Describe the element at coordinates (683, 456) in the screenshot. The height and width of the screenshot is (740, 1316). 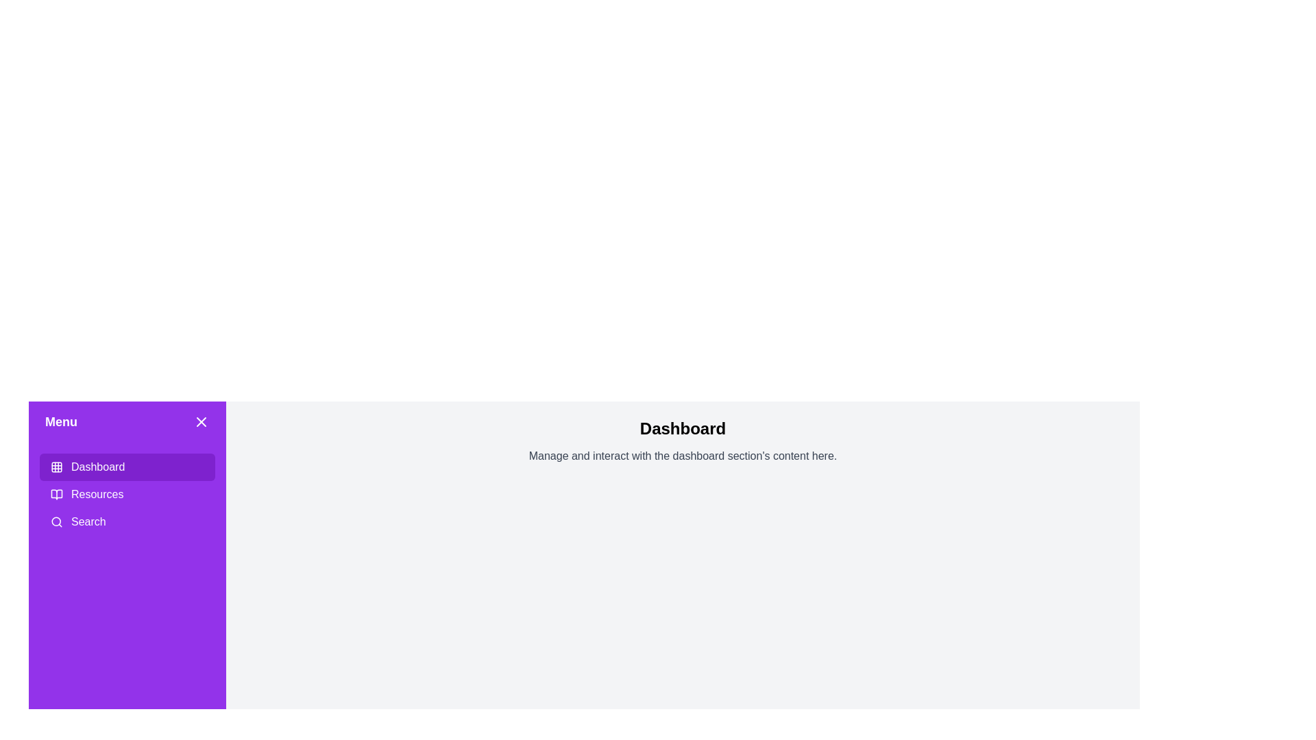
I see `the static text element that provides descriptive information below the 'Dashboard' title in the central part of the interface layout` at that location.